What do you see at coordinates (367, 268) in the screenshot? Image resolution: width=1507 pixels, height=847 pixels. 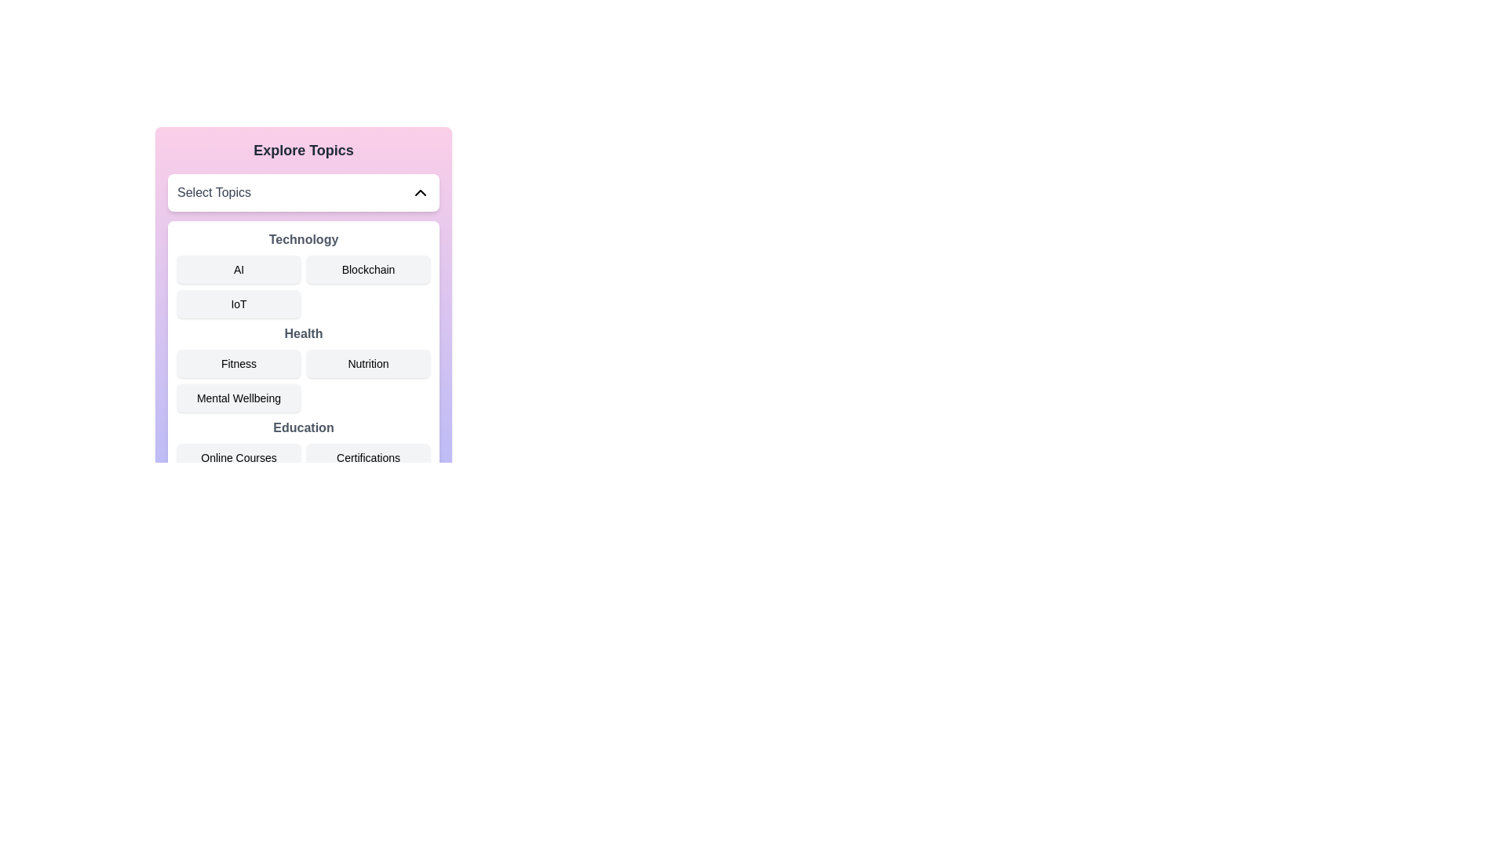 I see `the 'Blockchain' button located under the 'Technology' subheading, adjacent to the 'AI' button and above the 'IoT' button` at bounding box center [367, 268].